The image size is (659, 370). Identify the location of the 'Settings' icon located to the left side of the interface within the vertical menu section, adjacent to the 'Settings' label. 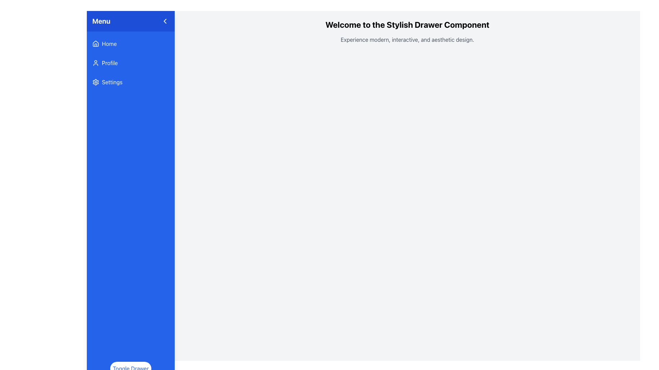
(95, 82).